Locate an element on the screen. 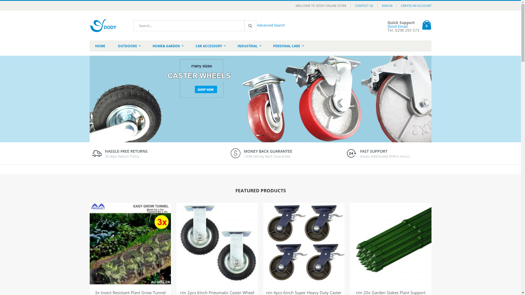  'CONTACT US' is located at coordinates (364, 5).